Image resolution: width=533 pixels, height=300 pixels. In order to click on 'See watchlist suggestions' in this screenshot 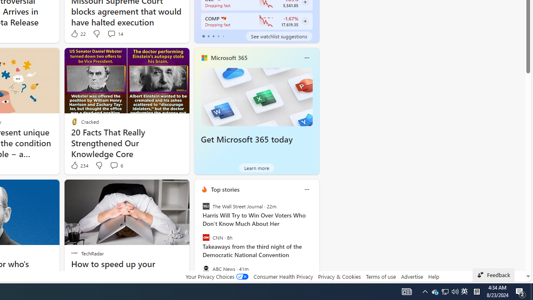, I will do `click(279, 36)`.